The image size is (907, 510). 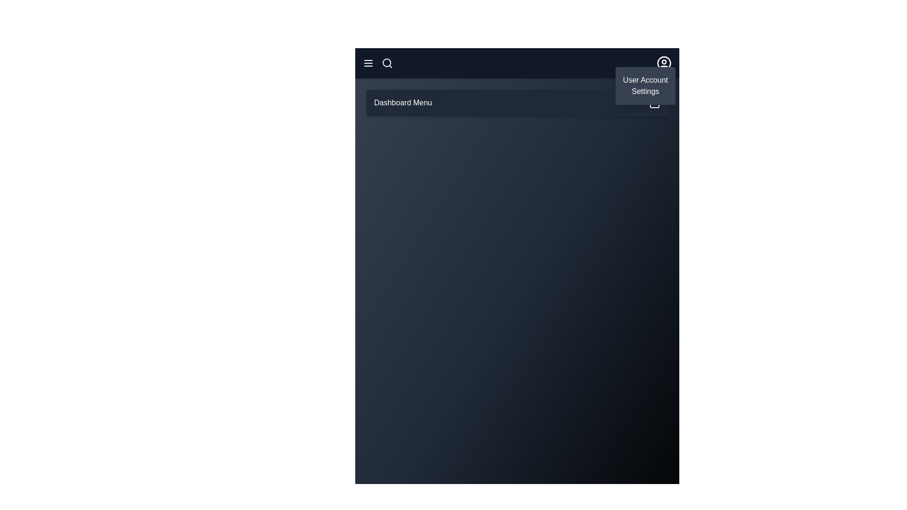 I want to click on the Settings option in the user dropdown menu, so click(x=645, y=91).